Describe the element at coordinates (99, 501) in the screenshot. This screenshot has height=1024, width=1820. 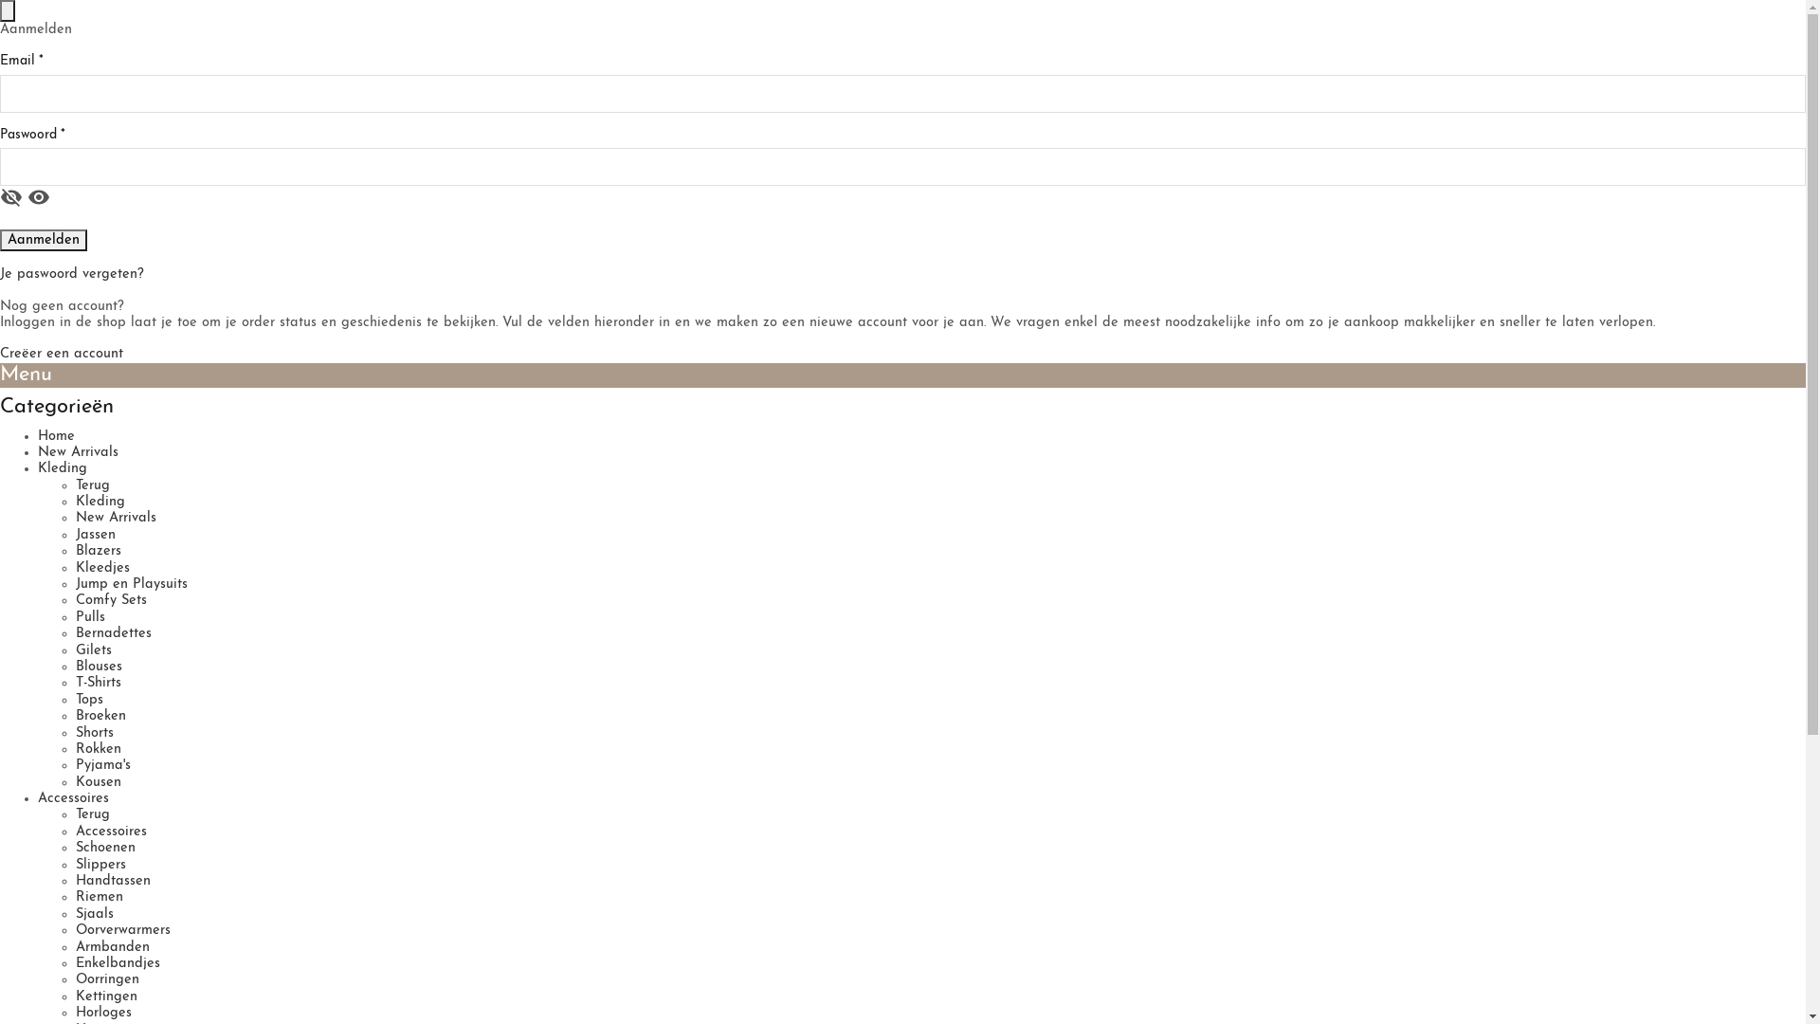
I see `'Kleding'` at that location.